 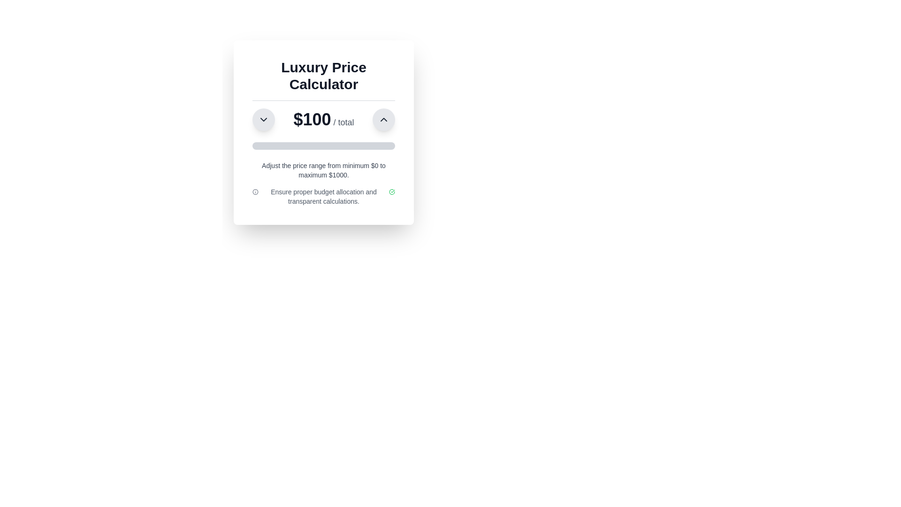 I want to click on the SVG icon of an upward chevron, which is centered within a circular button located near the upper-right corner of the button, so click(x=383, y=119).